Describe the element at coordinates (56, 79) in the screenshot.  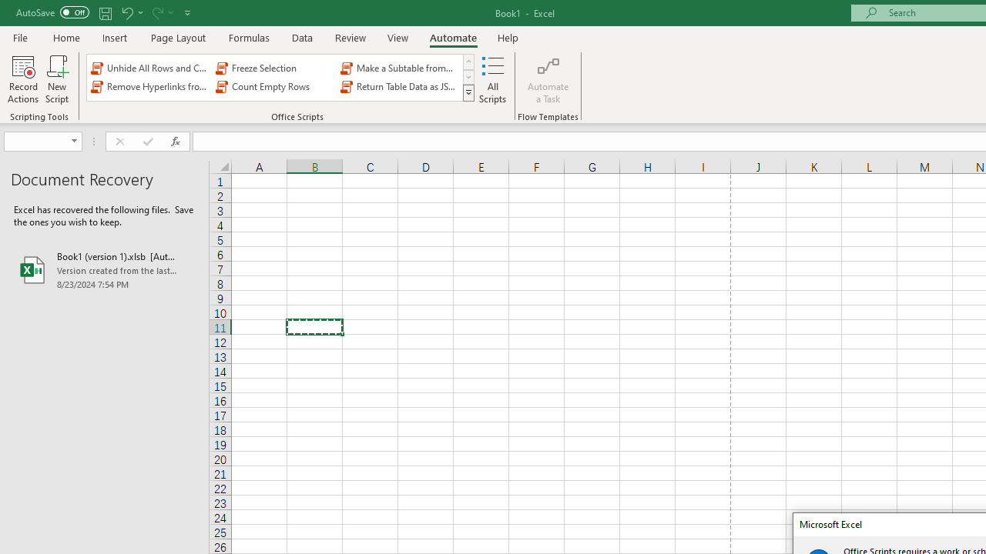
I see `'New Script'` at that location.